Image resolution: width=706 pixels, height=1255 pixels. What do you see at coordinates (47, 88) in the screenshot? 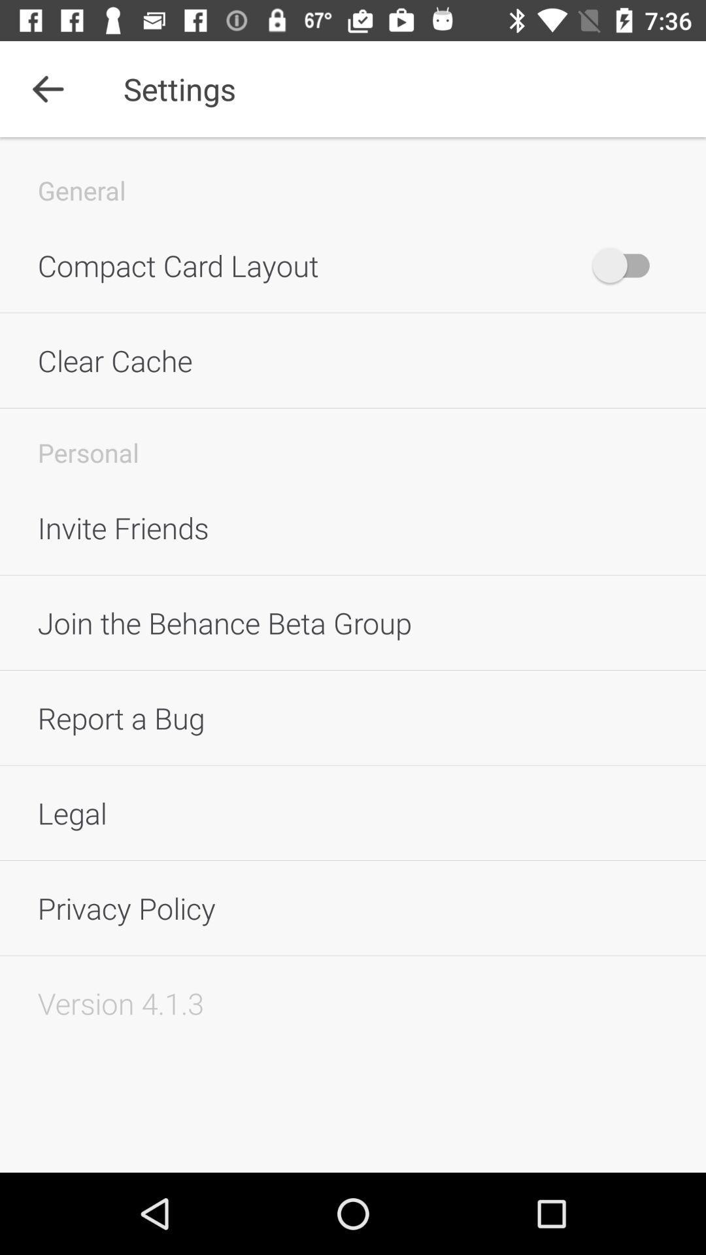
I see `the item next to the settings icon` at bounding box center [47, 88].